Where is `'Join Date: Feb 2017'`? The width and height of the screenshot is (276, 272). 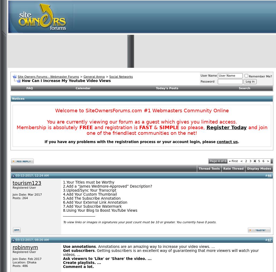 'Join Date: Feb 2017' is located at coordinates (27, 259).